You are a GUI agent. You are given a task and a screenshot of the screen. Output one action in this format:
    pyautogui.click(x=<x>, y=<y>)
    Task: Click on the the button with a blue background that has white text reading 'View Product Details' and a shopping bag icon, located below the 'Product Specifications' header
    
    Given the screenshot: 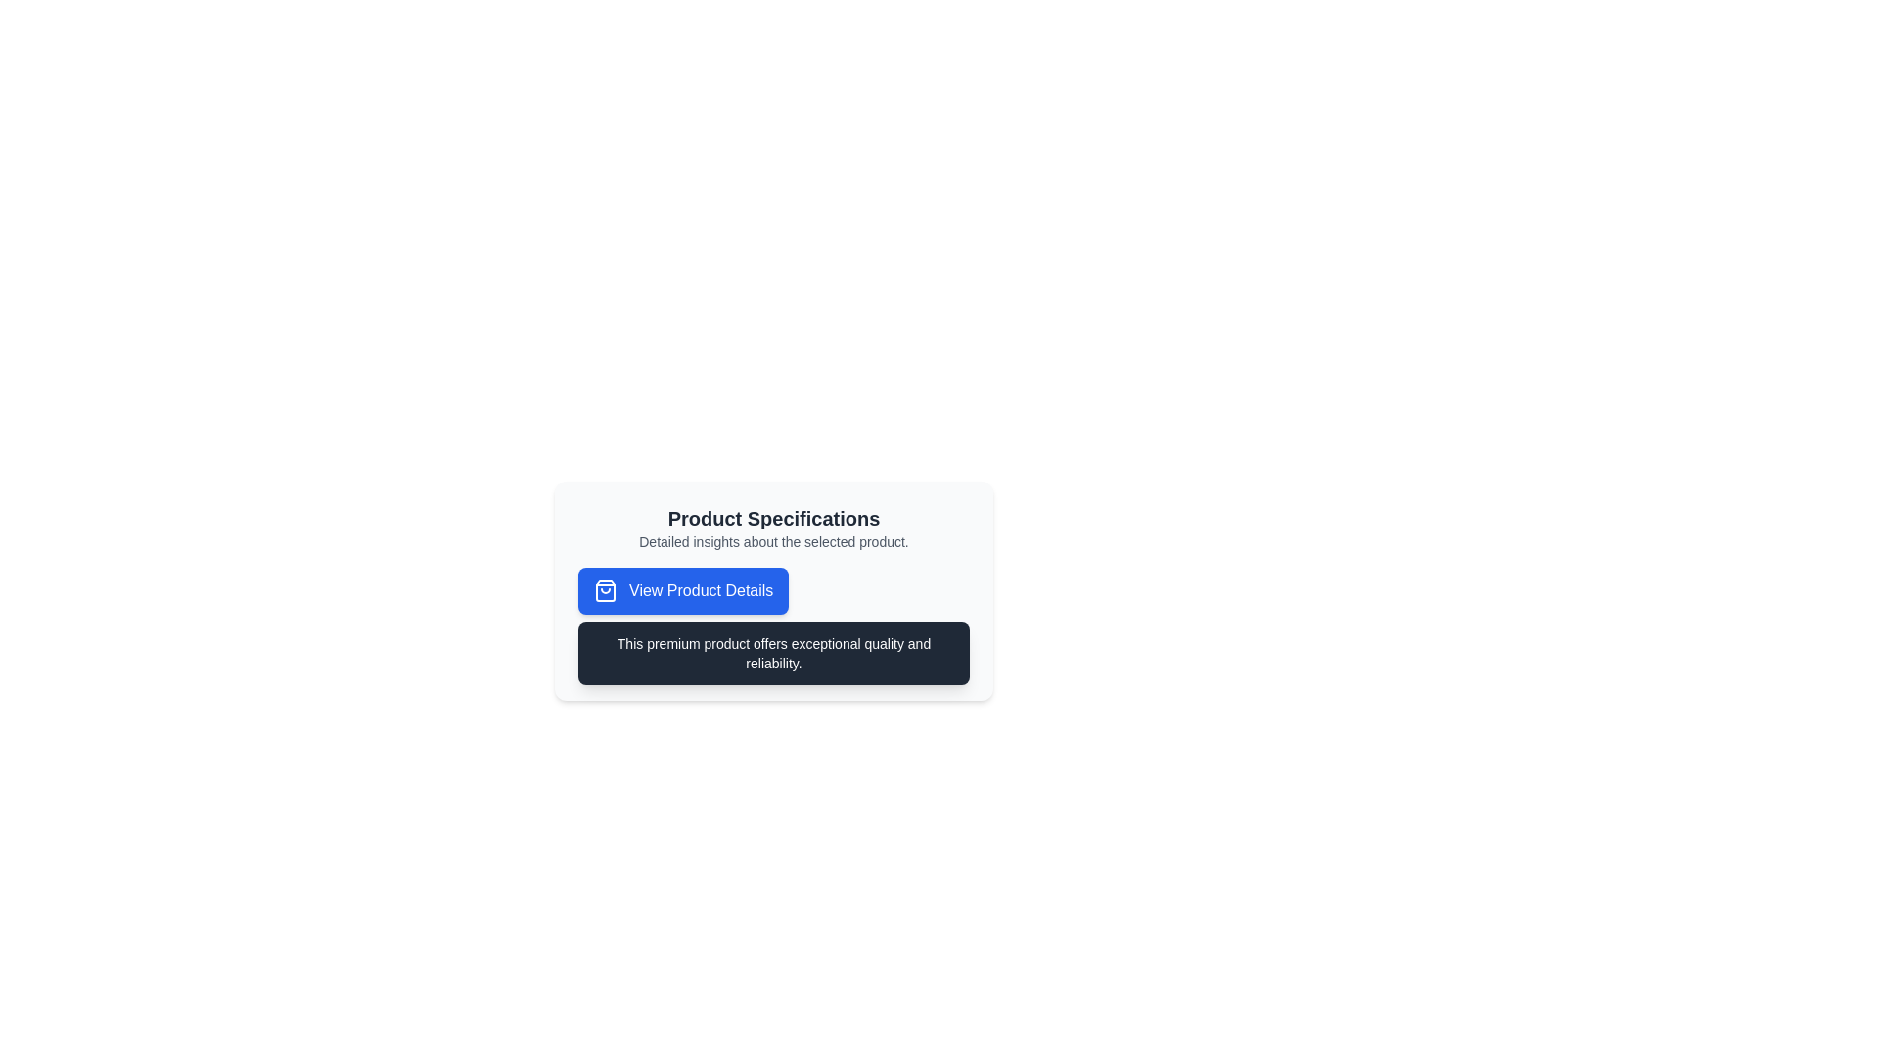 What is the action you would take?
    pyautogui.click(x=773, y=590)
    